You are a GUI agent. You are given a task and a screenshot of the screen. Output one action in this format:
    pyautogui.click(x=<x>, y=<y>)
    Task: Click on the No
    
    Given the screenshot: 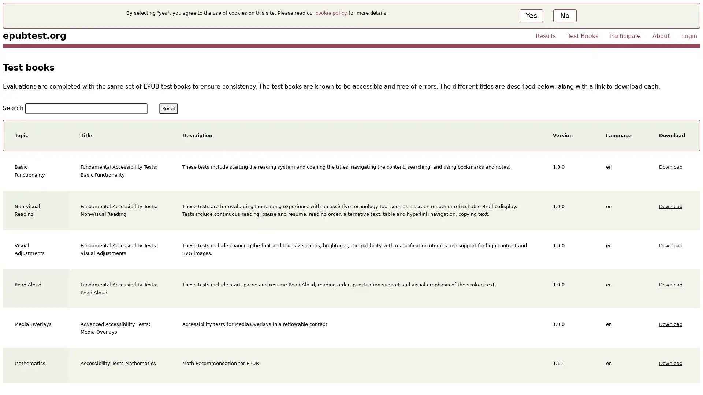 What is the action you would take?
    pyautogui.click(x=564, y=15)
    